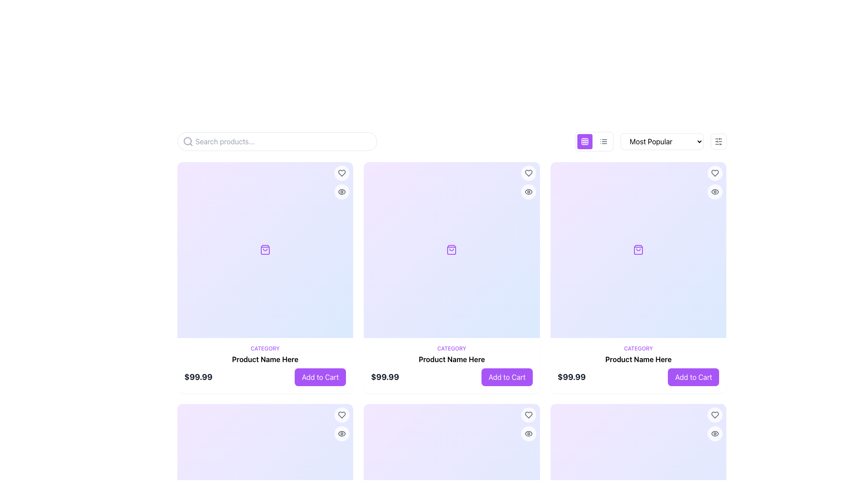  Describe the element at coordinates (452, 250) in the screenshot. I see `the shopping bag icon located at the center of the second card from the left in the first row of the grid layout` at that location.